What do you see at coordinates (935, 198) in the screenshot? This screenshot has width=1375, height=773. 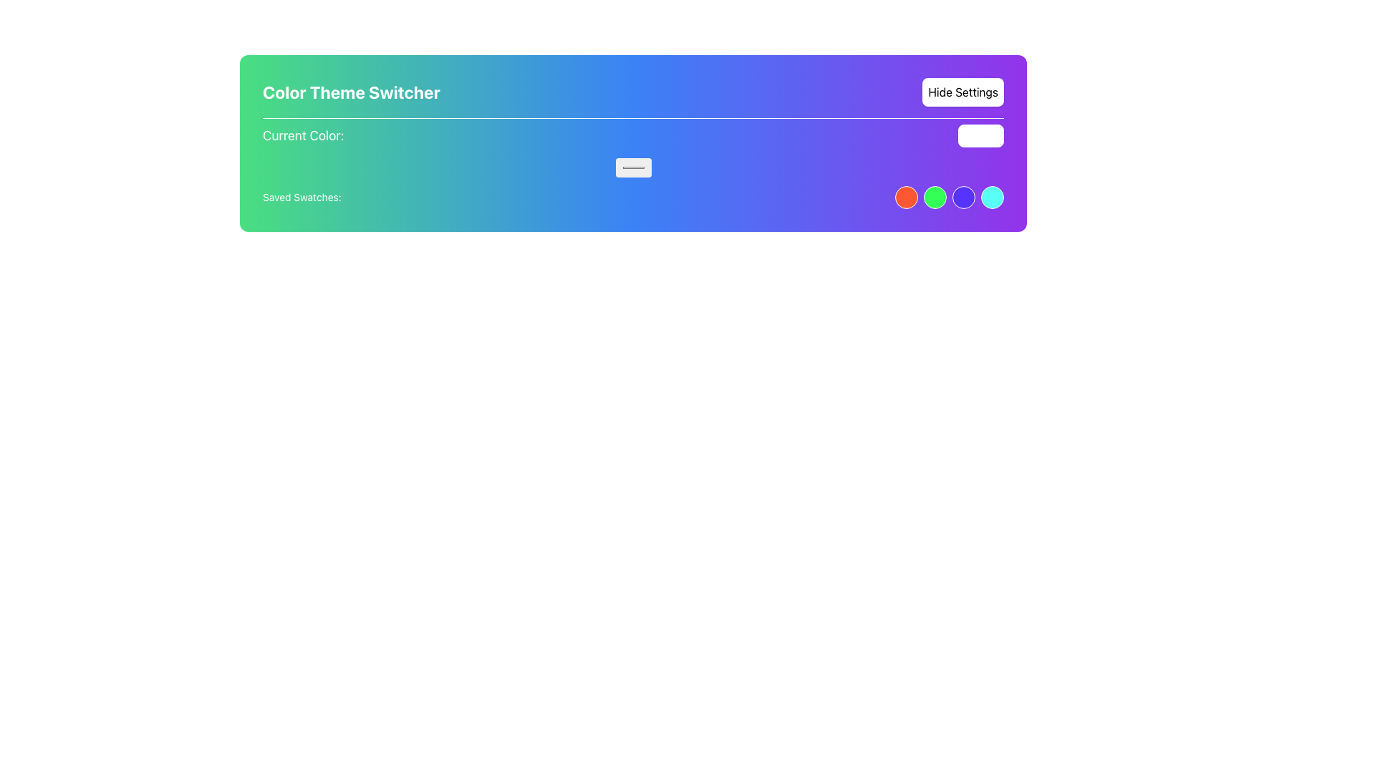 I see `the second button from the left, which is a green theme selection button` at bounding box center [935, 198].